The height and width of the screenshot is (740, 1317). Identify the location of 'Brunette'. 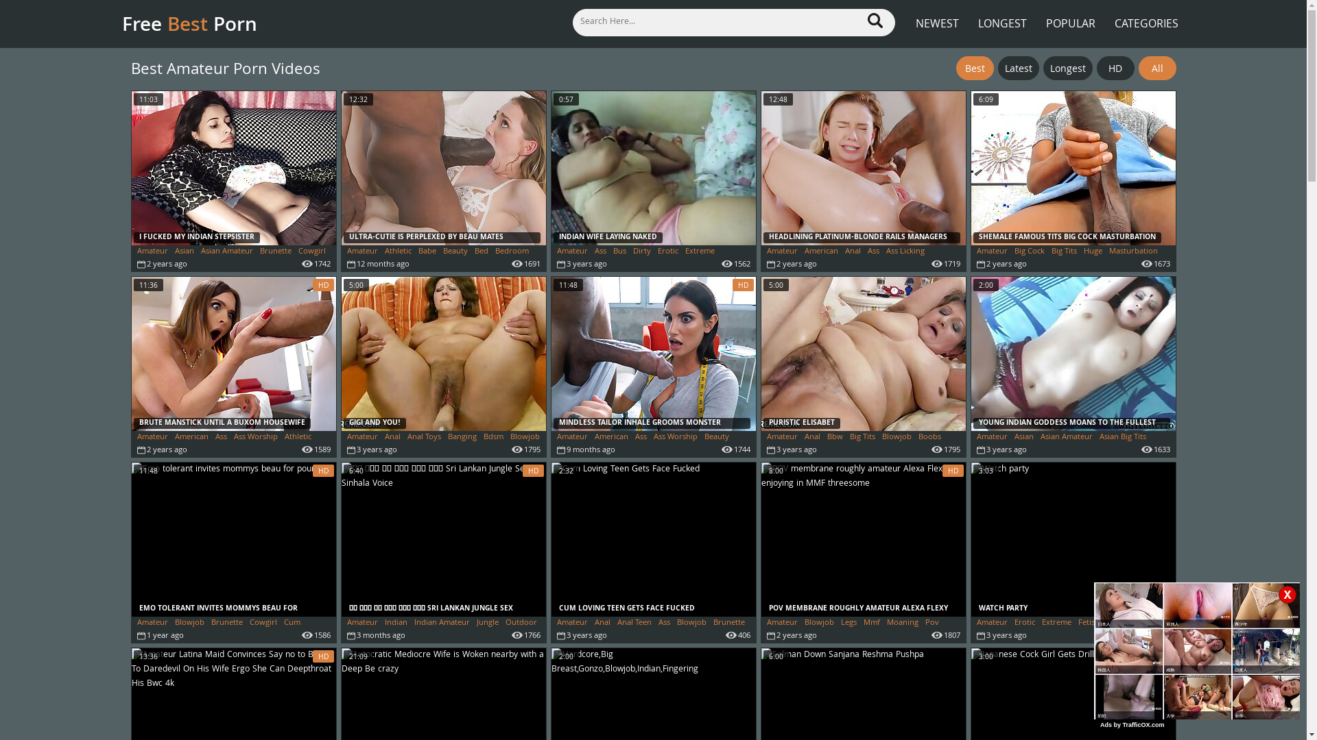
(227, 623).